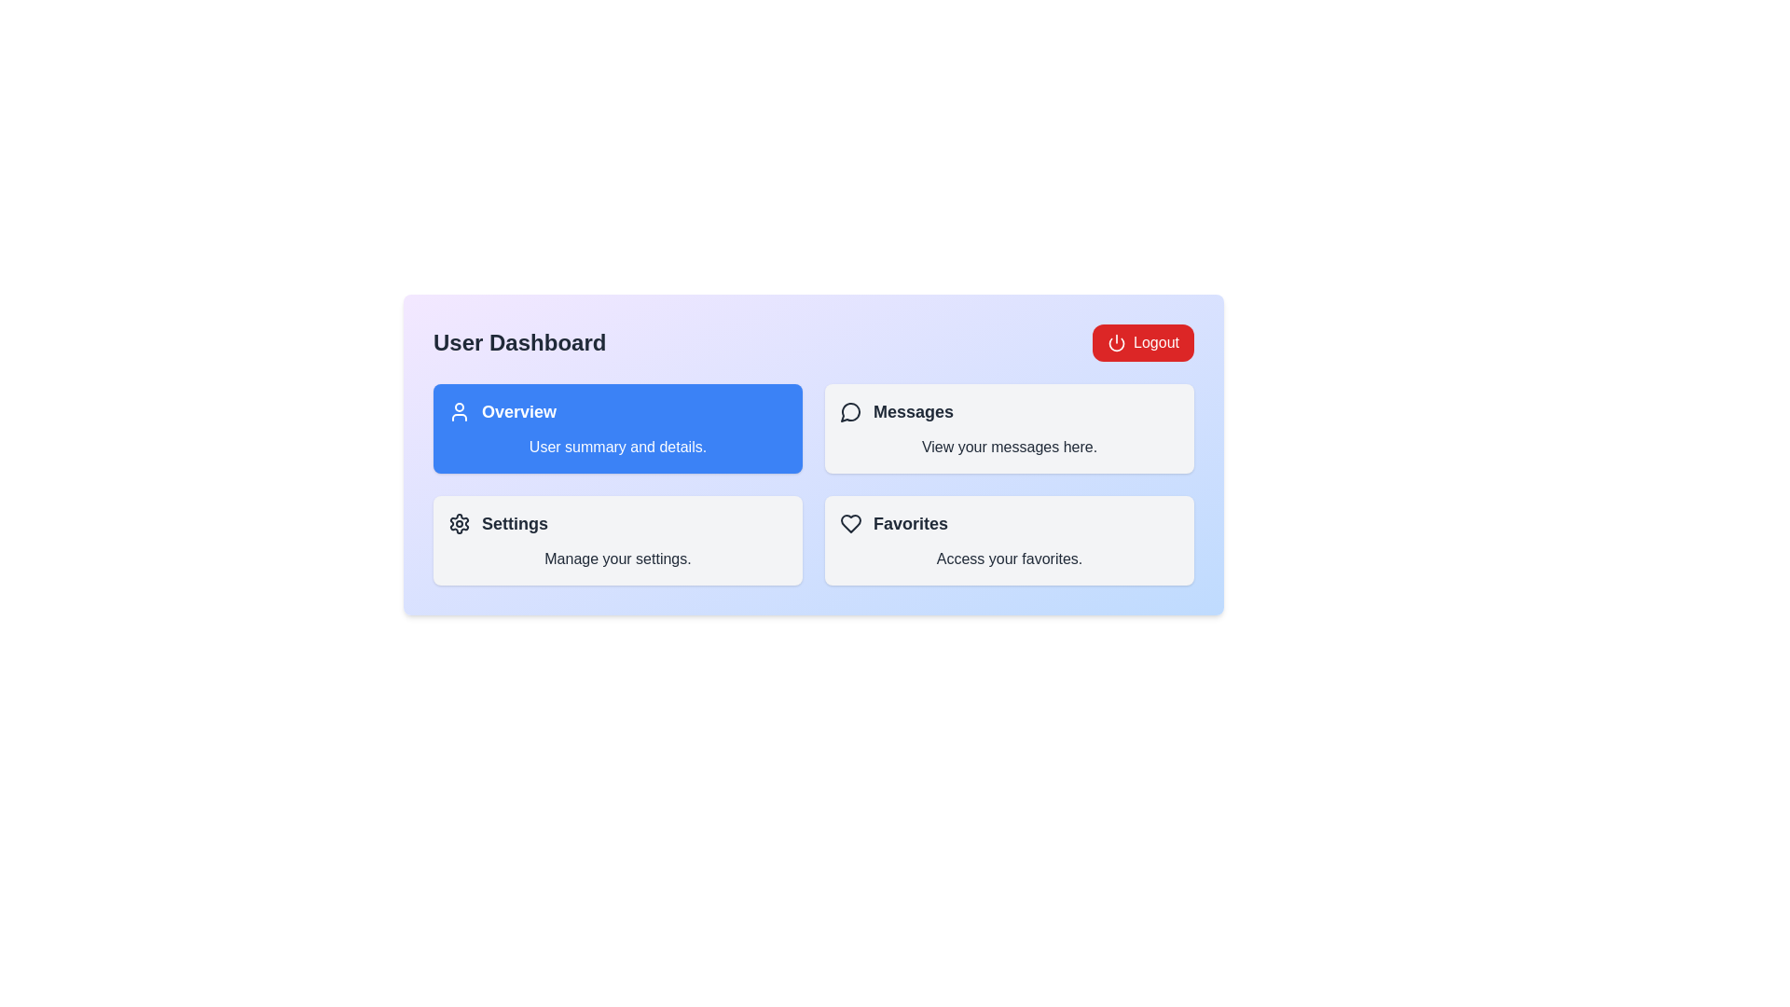 This screenshot has width=1790, height=1007. What do you see at coordinates (849, 524) in the screenshot?
I see `the 'Favorites' icon located in the bottom-right corner of the 'Favorites' card section` at bounding box center [849, 524].